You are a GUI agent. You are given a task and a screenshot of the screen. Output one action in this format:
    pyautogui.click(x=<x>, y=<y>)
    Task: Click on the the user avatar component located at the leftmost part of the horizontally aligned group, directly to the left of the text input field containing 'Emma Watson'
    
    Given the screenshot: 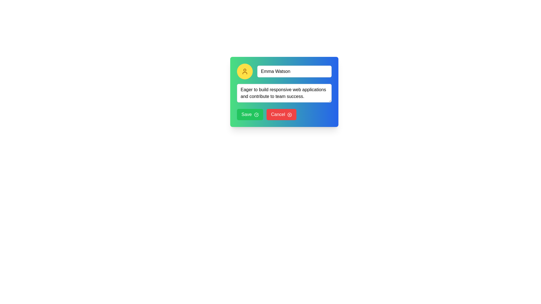 What is the action you would take?
    pyautogui.click(x=245, y=71)
    